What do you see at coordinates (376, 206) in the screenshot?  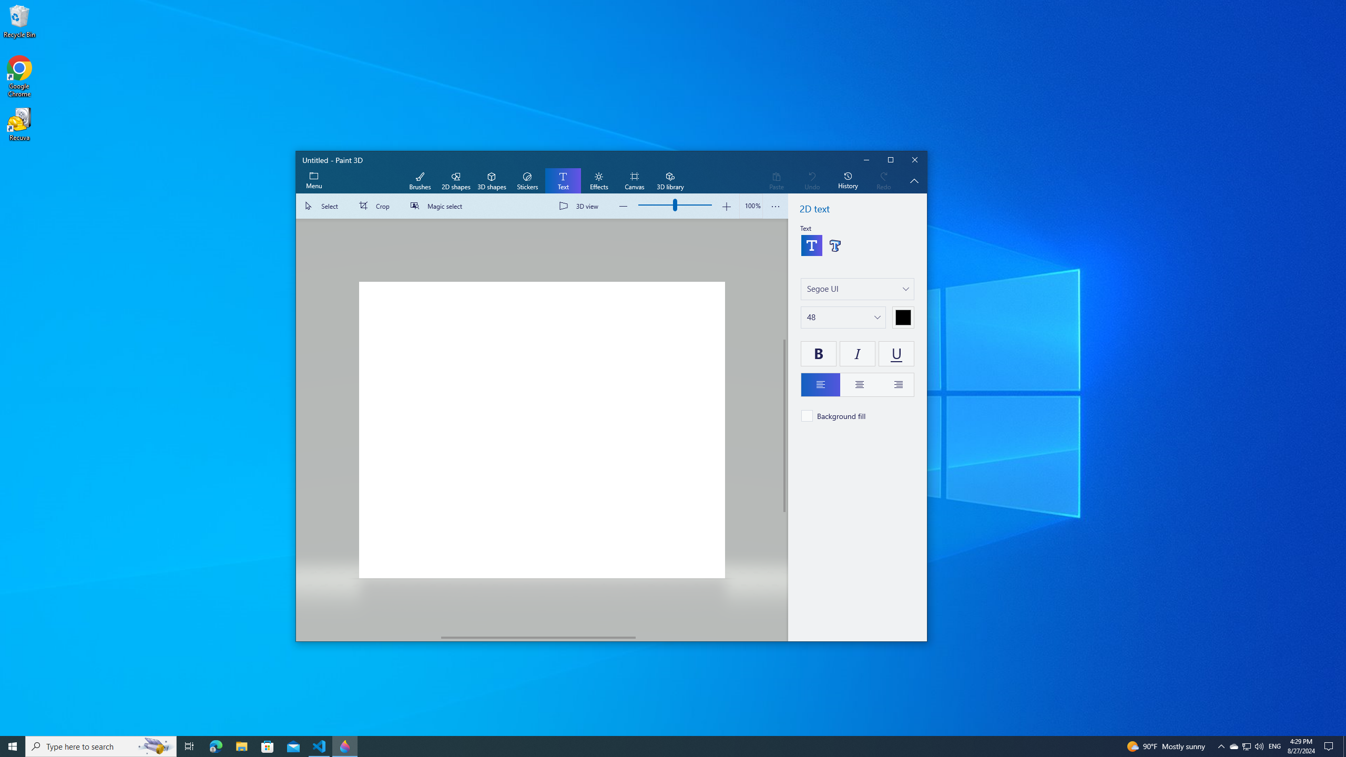 I see `'Crop'` at bounding box center [376, 206].